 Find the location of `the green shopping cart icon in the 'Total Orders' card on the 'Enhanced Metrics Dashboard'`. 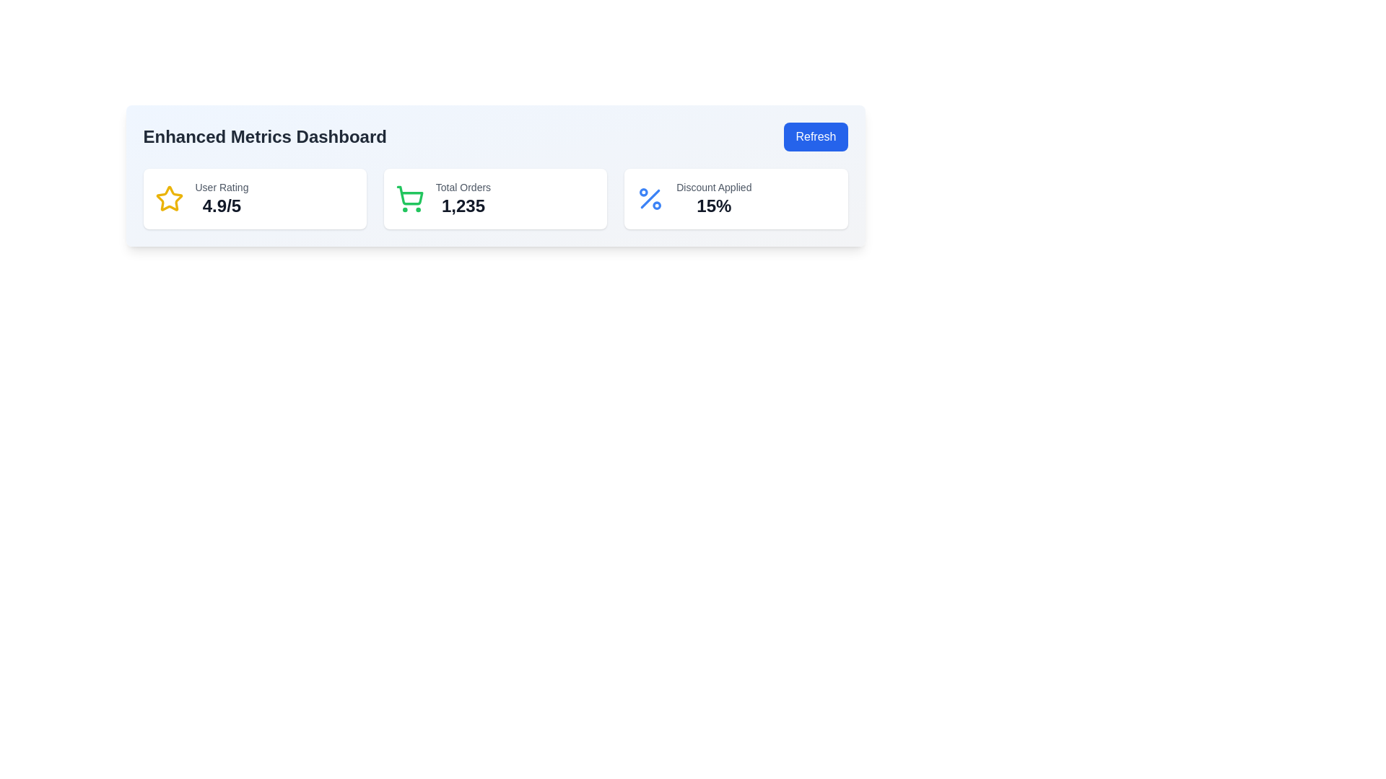

the green shopping cart icon in the 'Total Orders' card on the 'Enhanced Metrics Dashboard' is located at coordinates (409, 195).